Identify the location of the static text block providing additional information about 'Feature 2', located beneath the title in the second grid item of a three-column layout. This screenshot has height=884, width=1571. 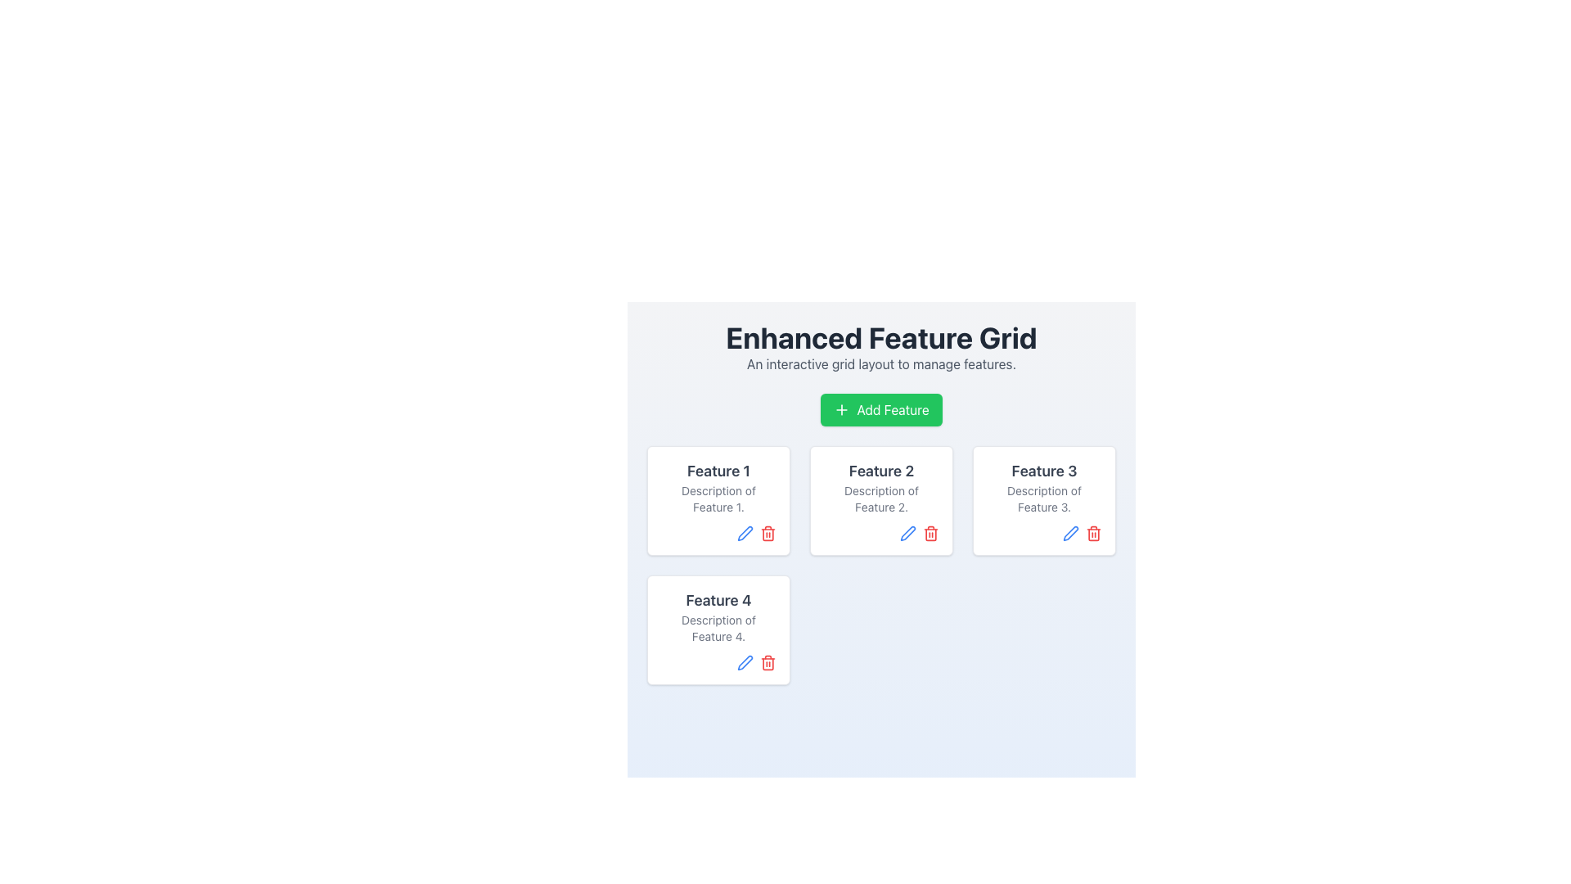
(880, 498).